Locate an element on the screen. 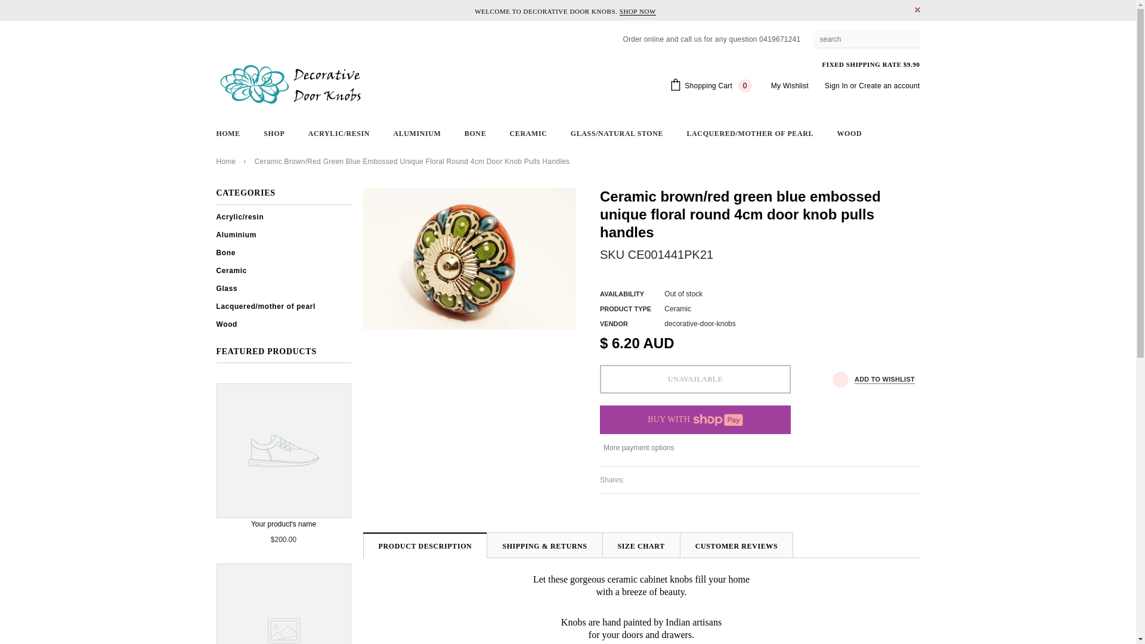  'Unavailable' is located at coordinates (695, 379).